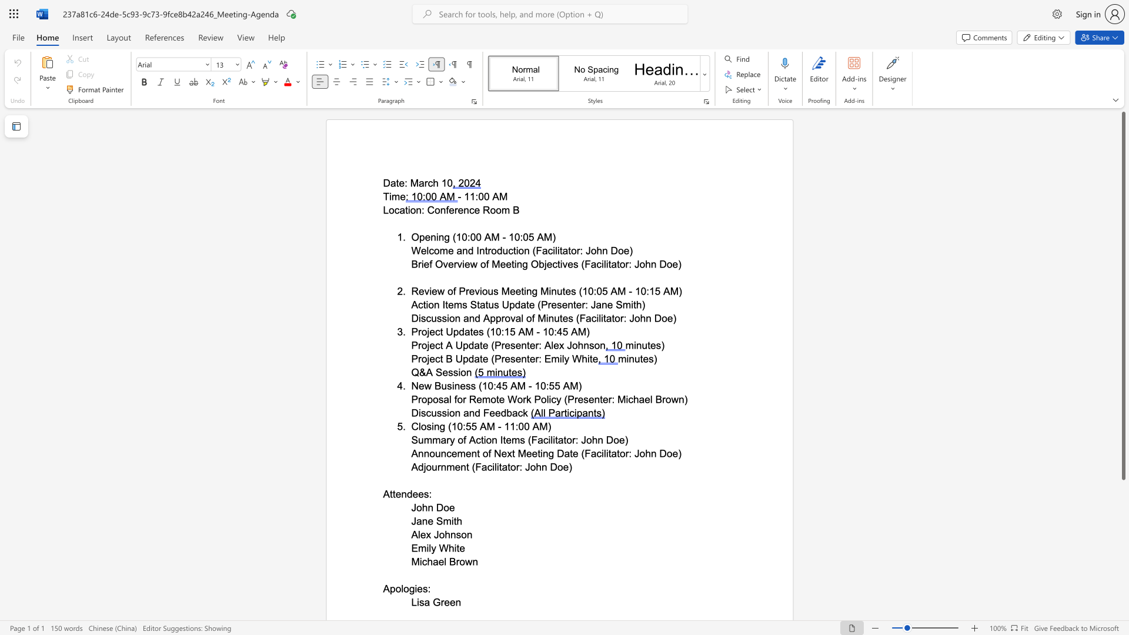 The image size is (1129, 635). What do you see at coordinates (583, 453) in the screenshot?
I see `the 1th character "(" in the text` at bounding box center [583, 453].